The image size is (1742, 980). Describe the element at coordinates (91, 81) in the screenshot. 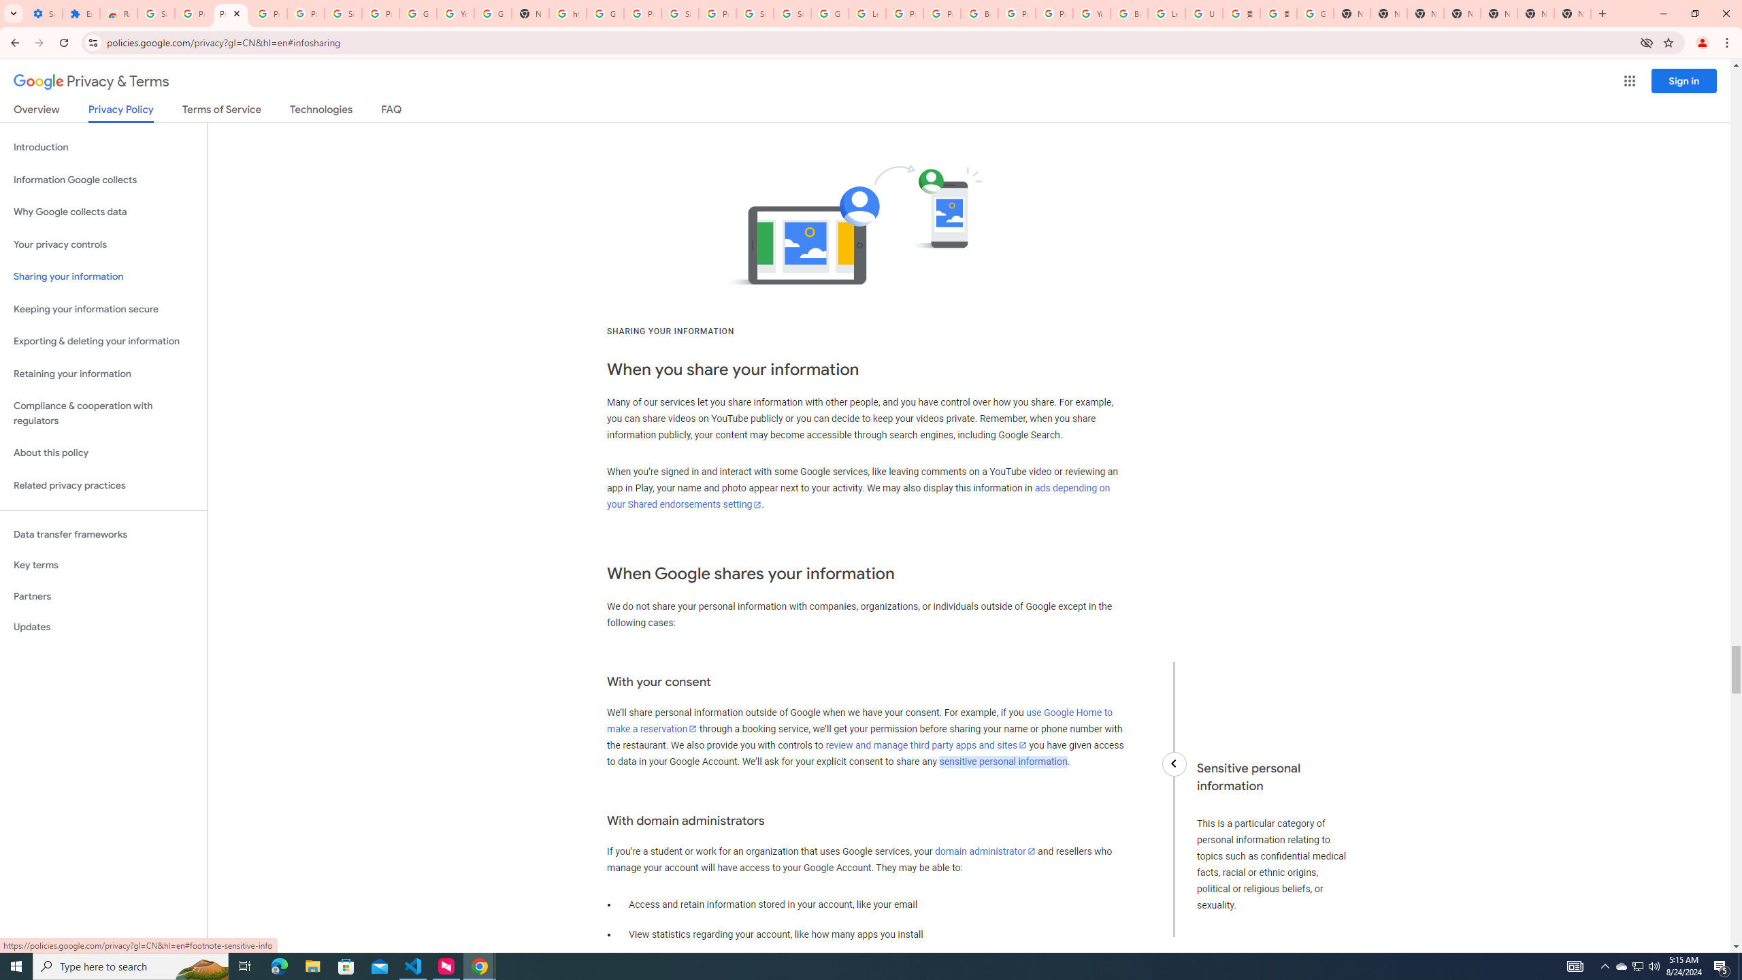

I see `'Privacy & Terms'` at that location.